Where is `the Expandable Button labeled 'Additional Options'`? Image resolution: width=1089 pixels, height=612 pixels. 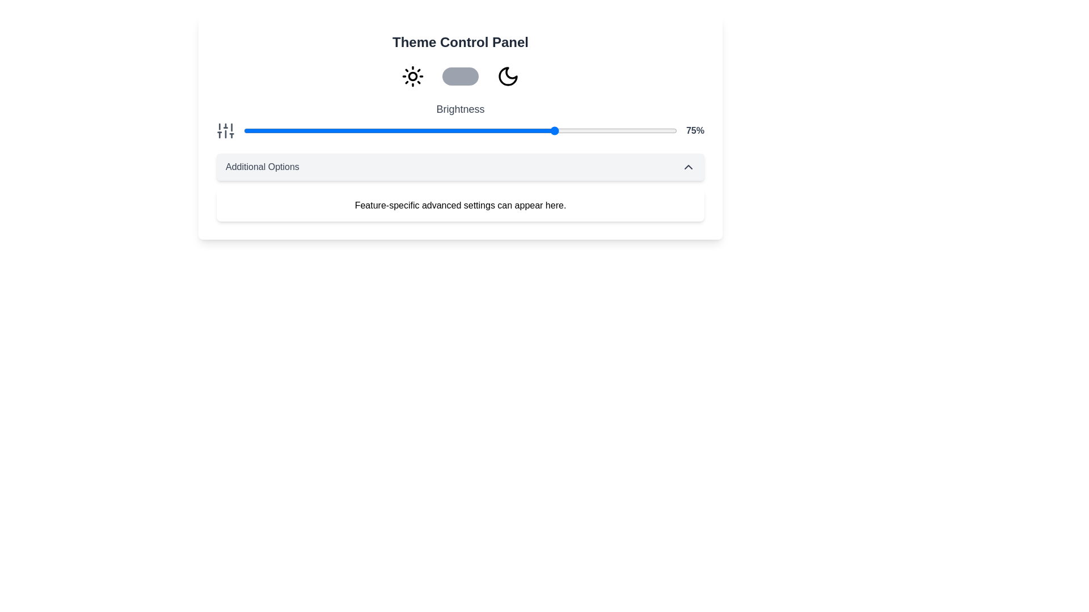 the Expandable Button labeled 'Additional Options' is located at coordinates (460, 167).